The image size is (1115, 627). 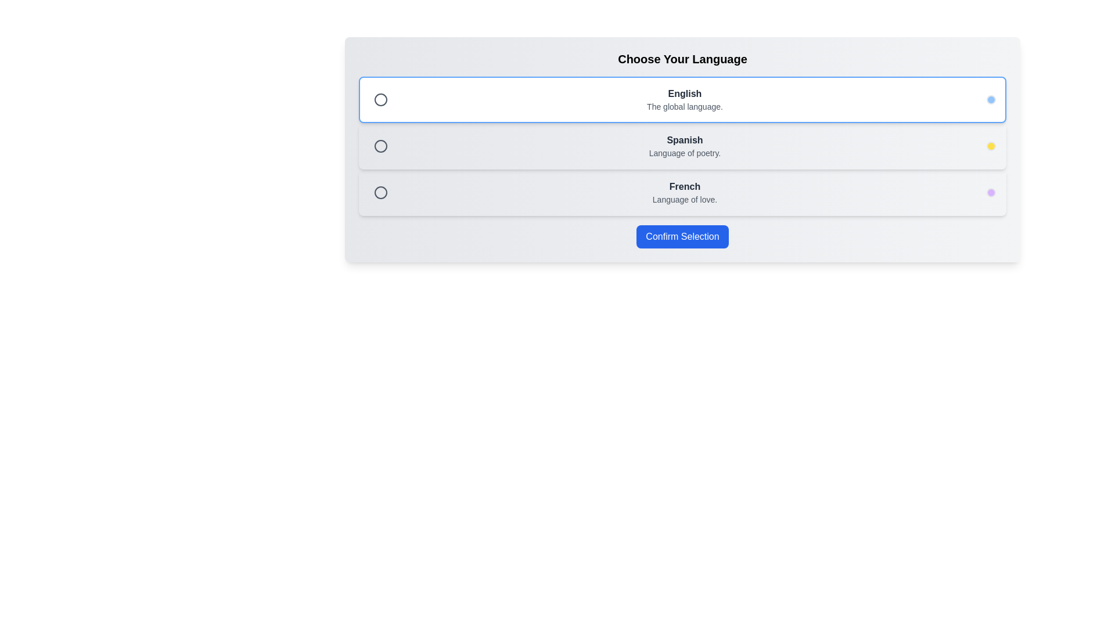 I want to click on the 'English' text label in the language selection list, which serves as descriptive text and is located within the first horizontal list item of the vertical selection list, so click(x=685, y=93).